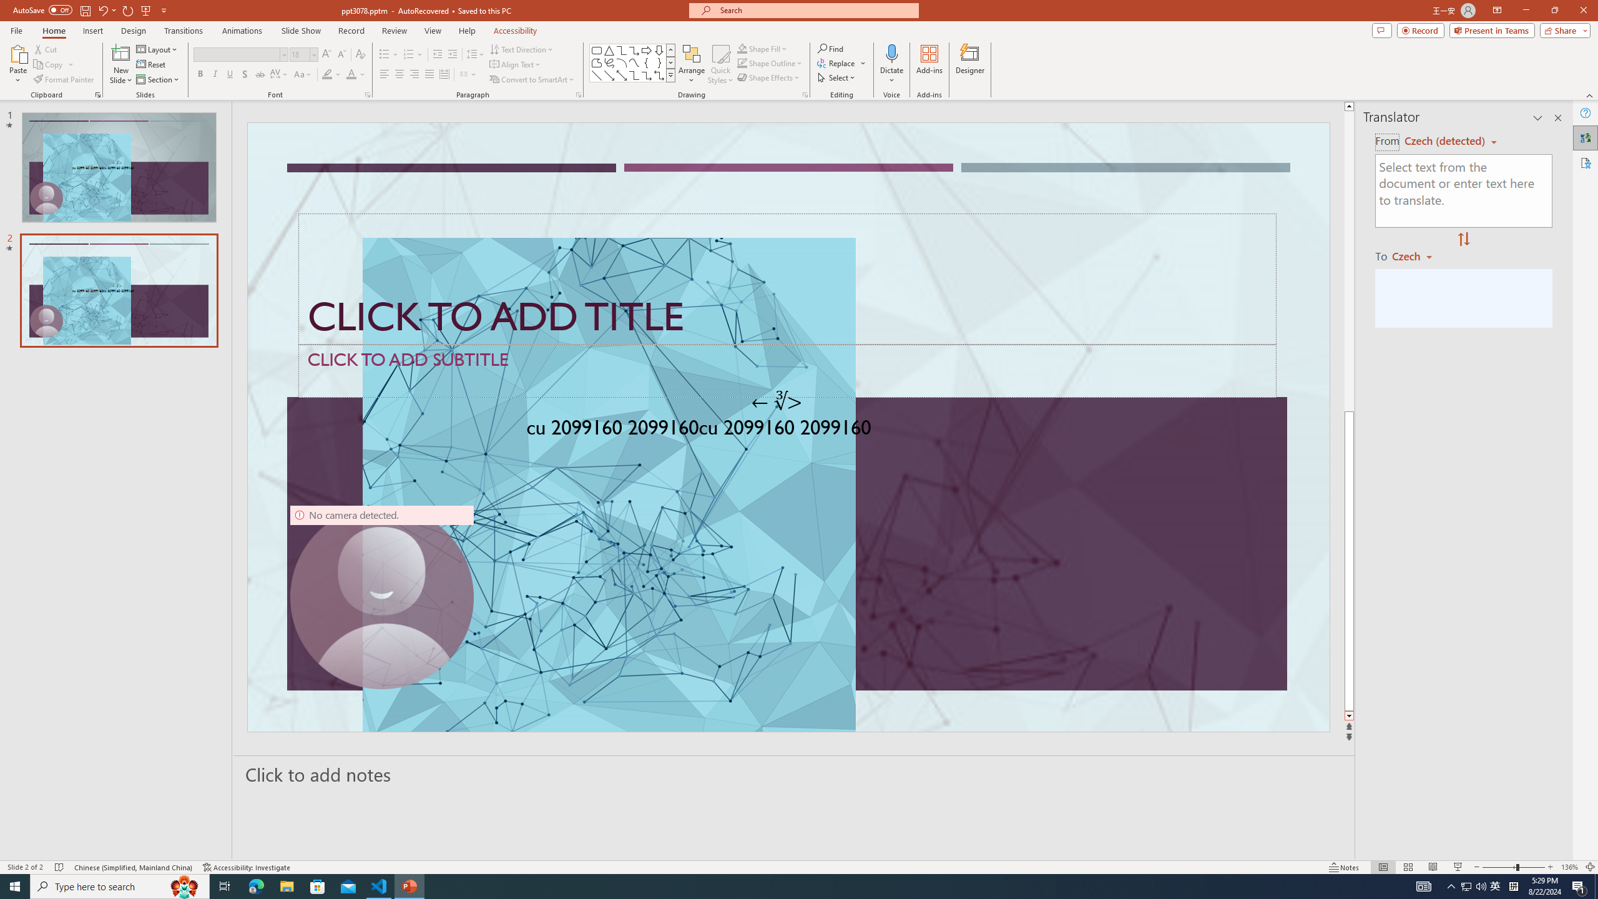 Image resolution: width=1598 pixels, height=899 pixels. Describe the element at coordinates (1570, 867) in the screenshot. I see `'Zoom 136%'` at that location.